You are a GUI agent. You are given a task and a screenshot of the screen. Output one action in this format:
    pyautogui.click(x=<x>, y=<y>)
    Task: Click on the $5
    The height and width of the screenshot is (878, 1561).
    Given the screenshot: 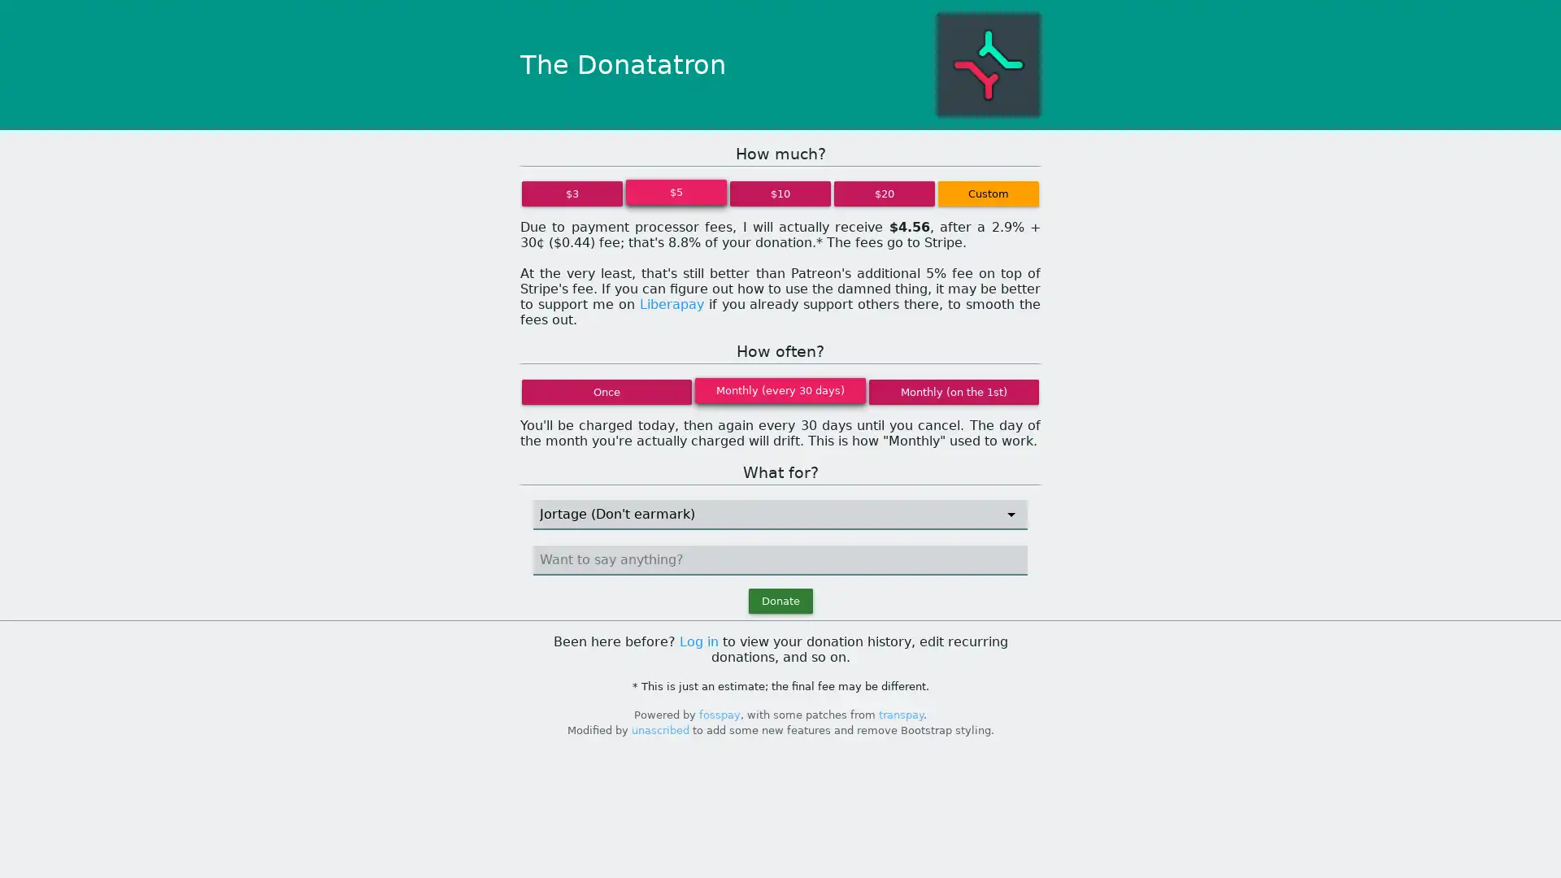 What is the action you would take?
    pyautogui.click(x=676, y=191)
    